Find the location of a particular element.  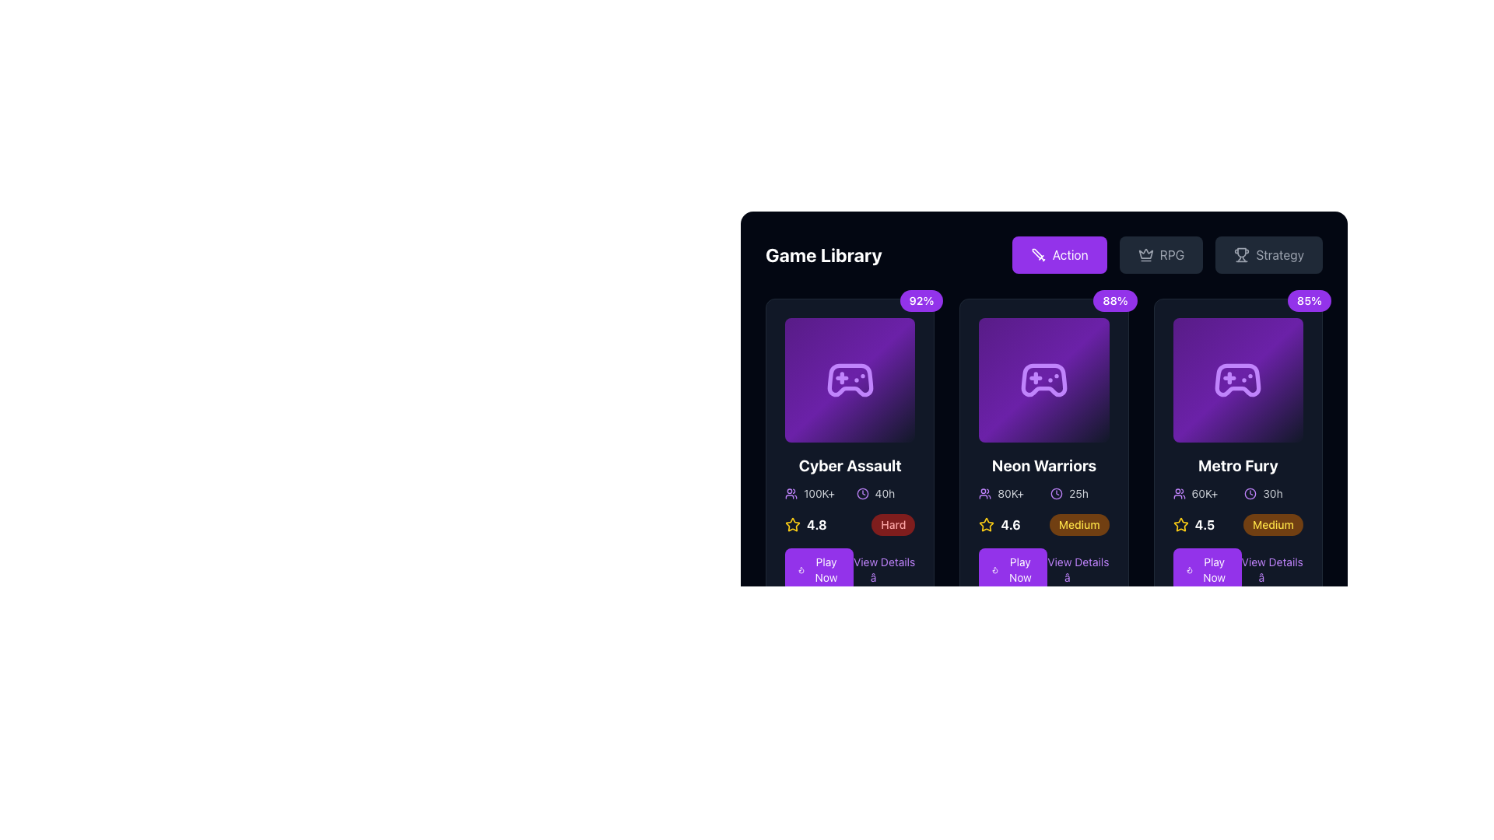

the text label indicating a time value of 25 hours, located within the 'Neon Warriors' game card, to the right of the clock icon is located at coordinates (1078, 494).